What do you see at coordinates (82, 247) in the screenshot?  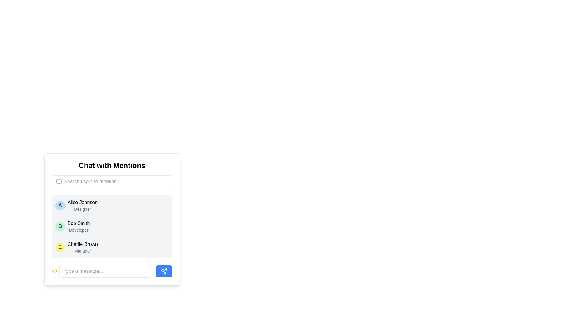 I see `the user profile text component displaying 'Charlie Brown' as the third entry in the vertical list of user profiles in the chat interface modal` at bounding box center [82, 247].